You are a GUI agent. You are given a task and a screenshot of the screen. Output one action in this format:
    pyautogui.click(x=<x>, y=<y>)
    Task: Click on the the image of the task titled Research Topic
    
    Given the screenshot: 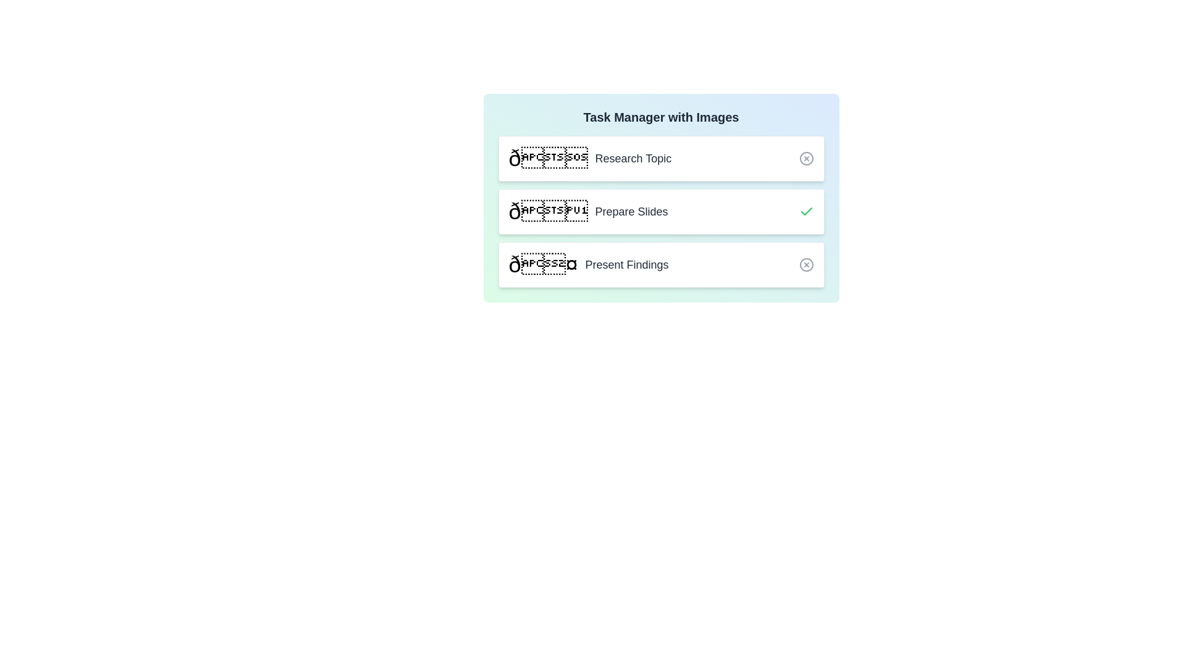 What is the action you would take?
    pyautogui.click(x=547, y=158)
    